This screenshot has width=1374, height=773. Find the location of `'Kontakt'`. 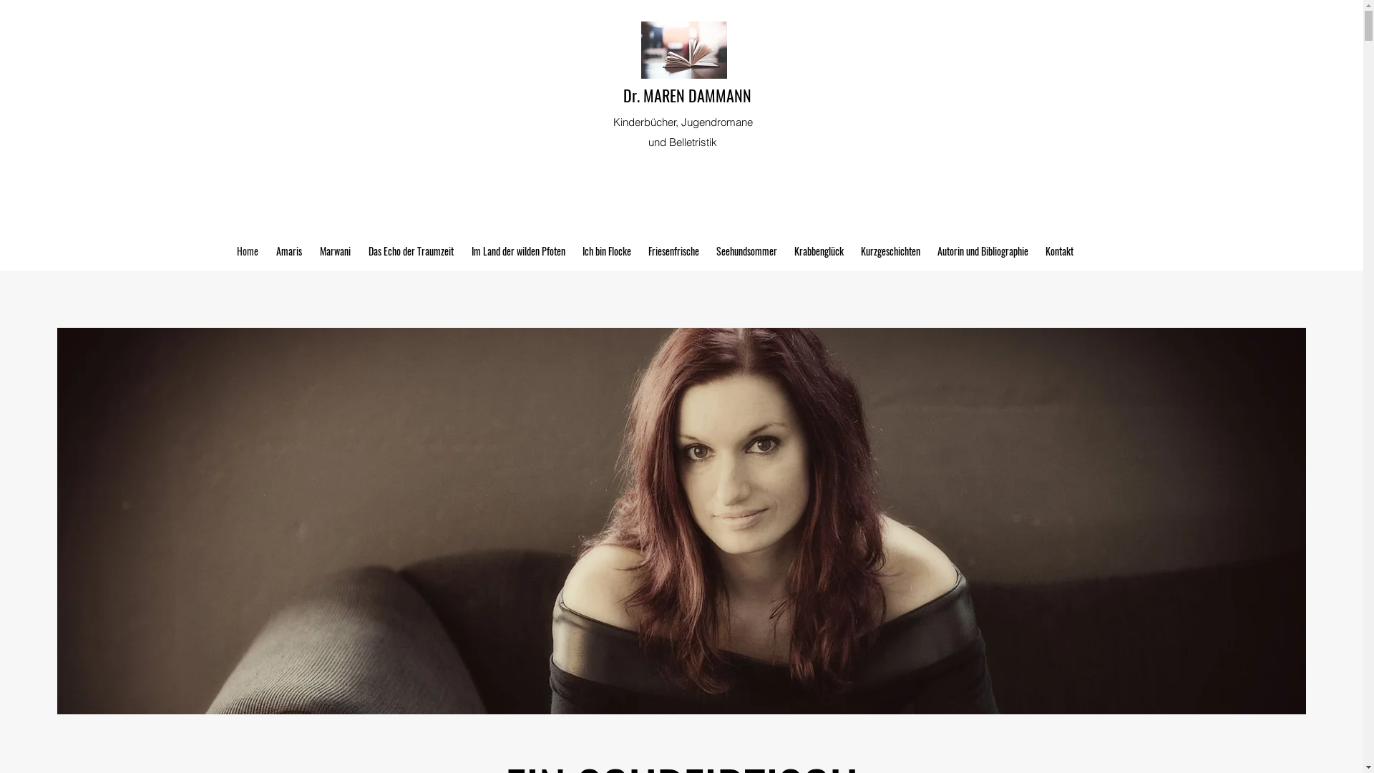

'Kontakt' is located at coordinates (1036, 251).